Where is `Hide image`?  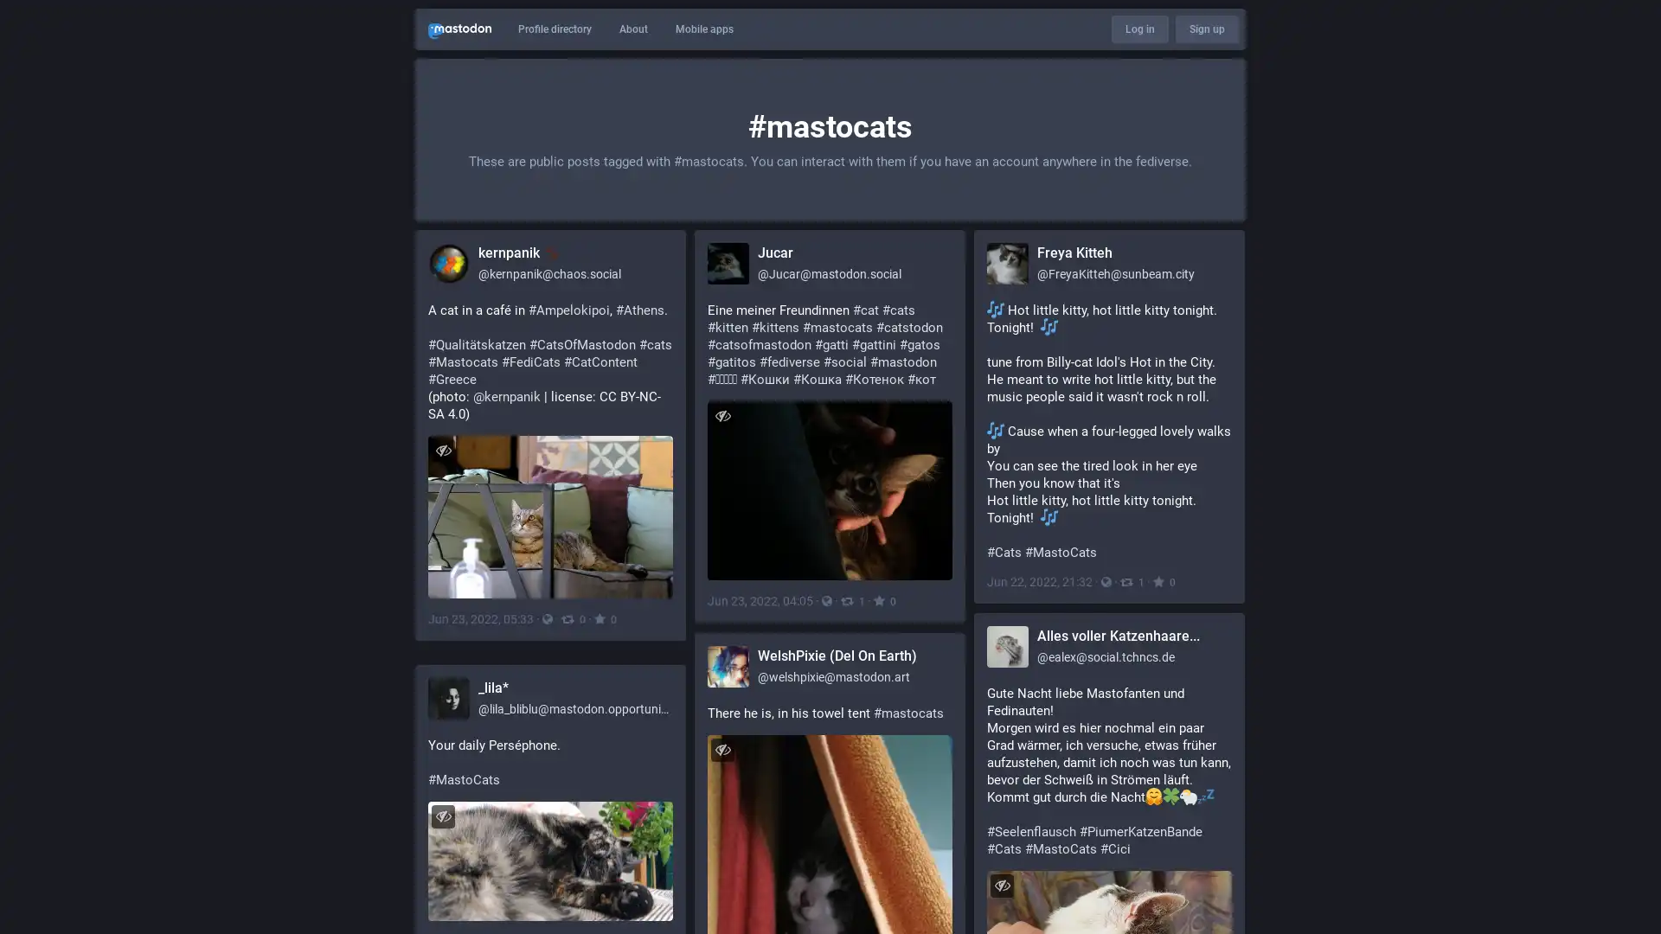
Hide image is located at coordinates (722, 748).